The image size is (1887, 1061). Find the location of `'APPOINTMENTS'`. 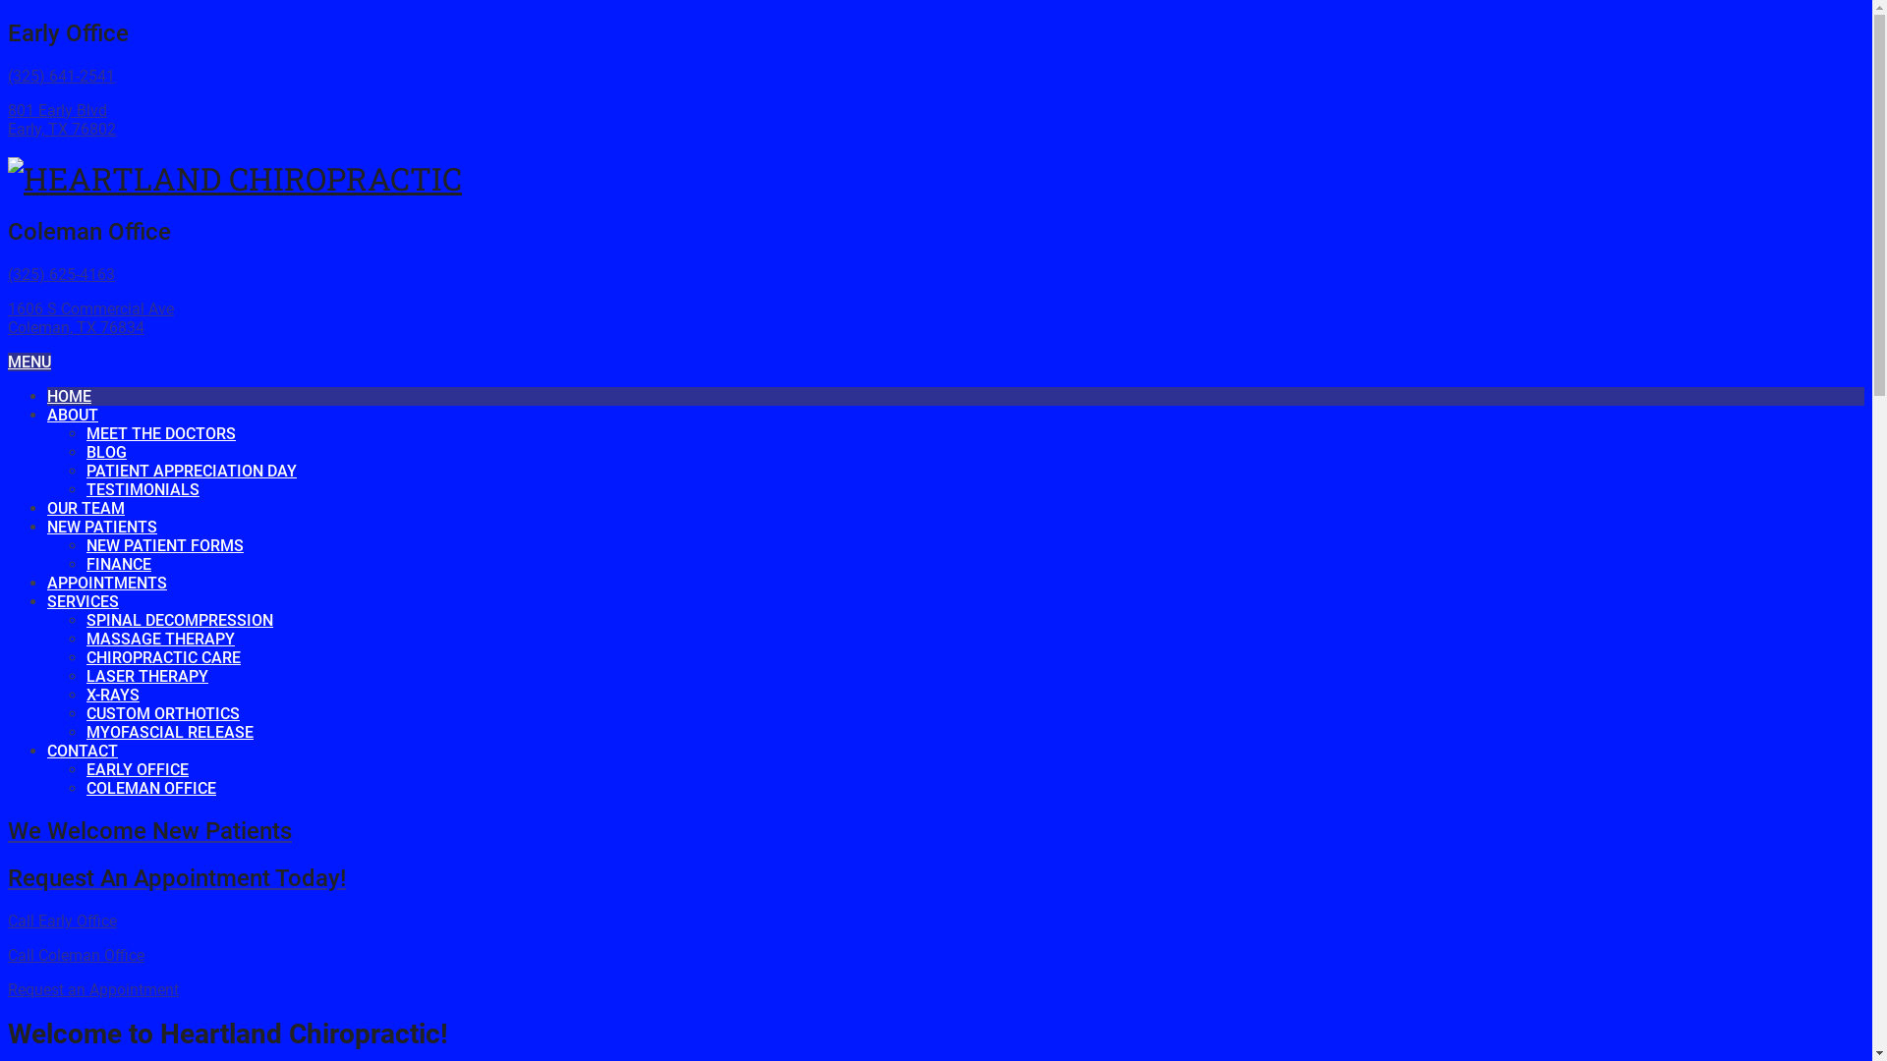

'APPOINTMENTS' is located at coordinates (47, 582).